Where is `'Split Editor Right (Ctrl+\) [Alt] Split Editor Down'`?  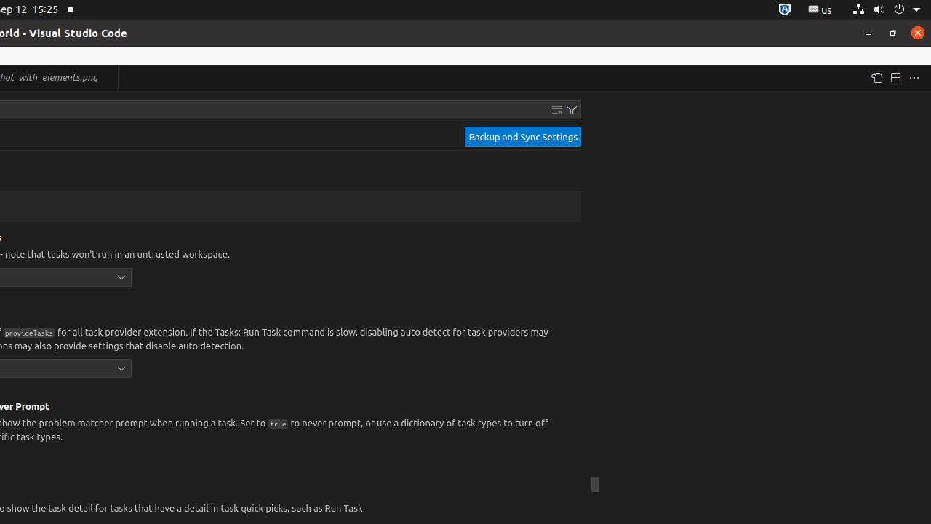 'Split Editor Right (Ctrl+\) [Alt] Split Editor Down' is located at coordinates (894, 77).